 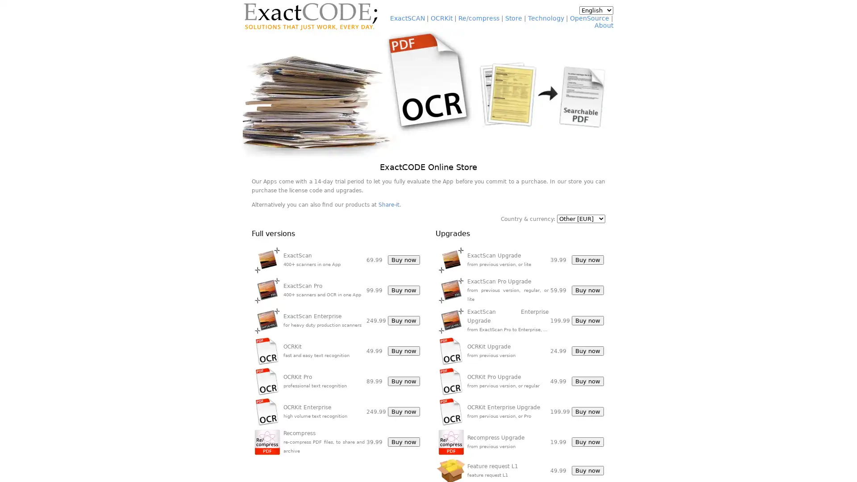 What do you see at coordinates (404, 350) in the screenshot?
I see `Buy now` at bounding box center [404, 350].